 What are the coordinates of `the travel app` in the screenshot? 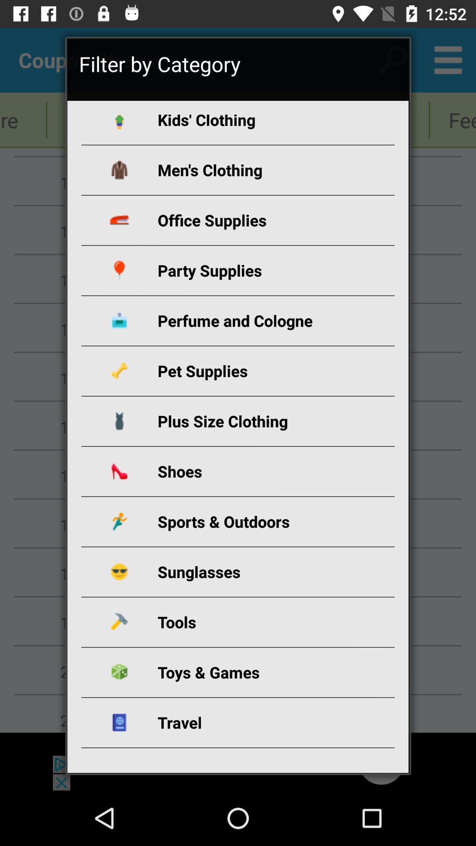 It's located at (248, 722).